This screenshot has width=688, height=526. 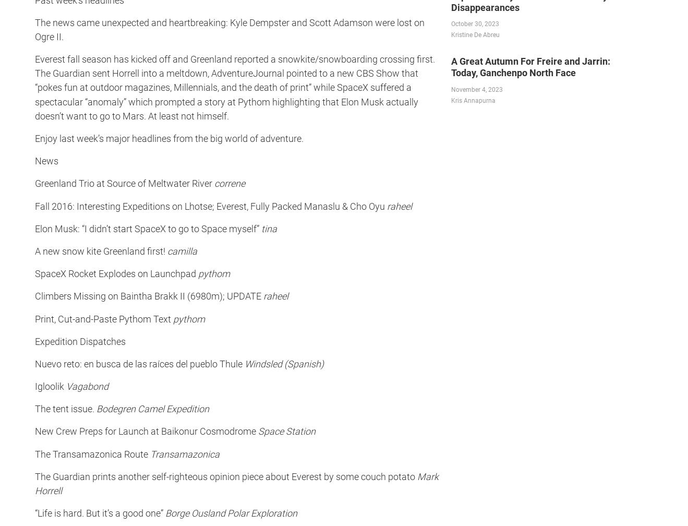 I want to click on 'Watch Whale Slam Wingfoiler in Scary Moment', so click(x=101, y=317).